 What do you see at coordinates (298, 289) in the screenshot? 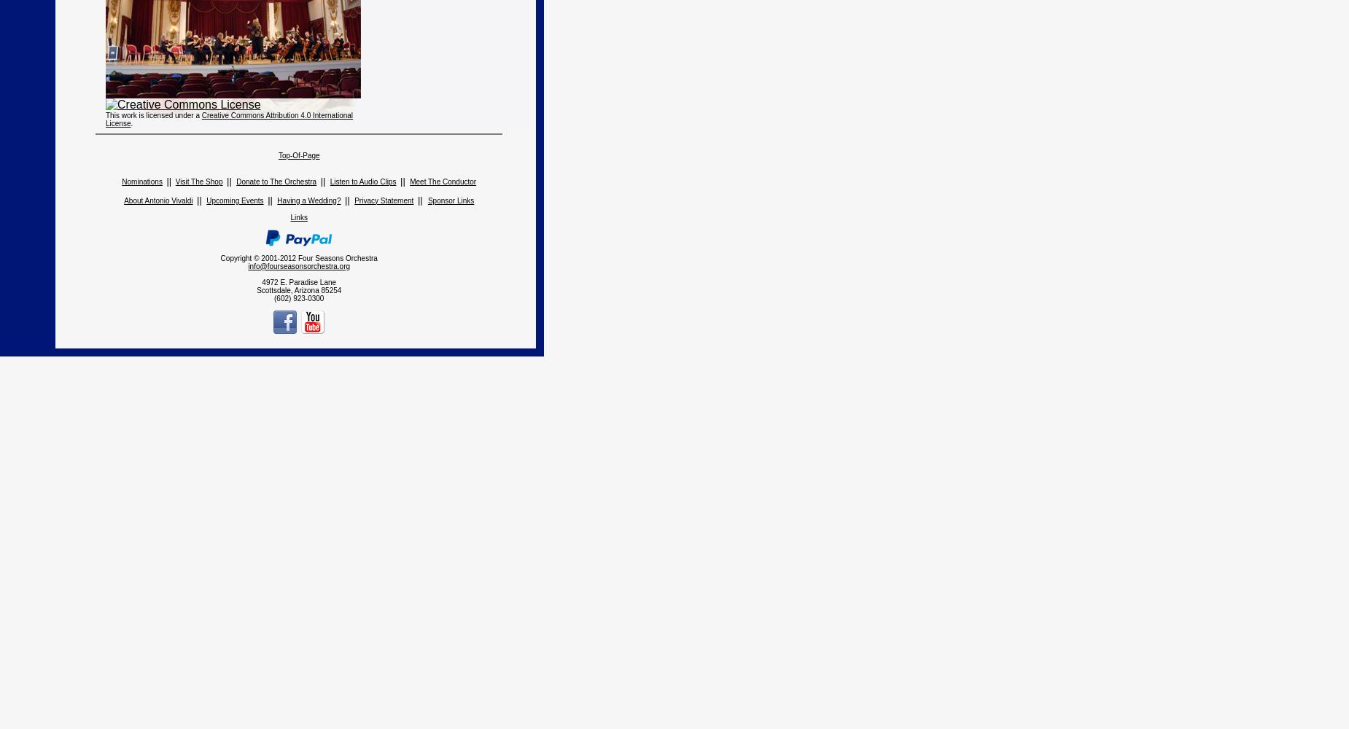
I see `'Scottsdale, Arizona 85254'` at bounding box center [298, 289].